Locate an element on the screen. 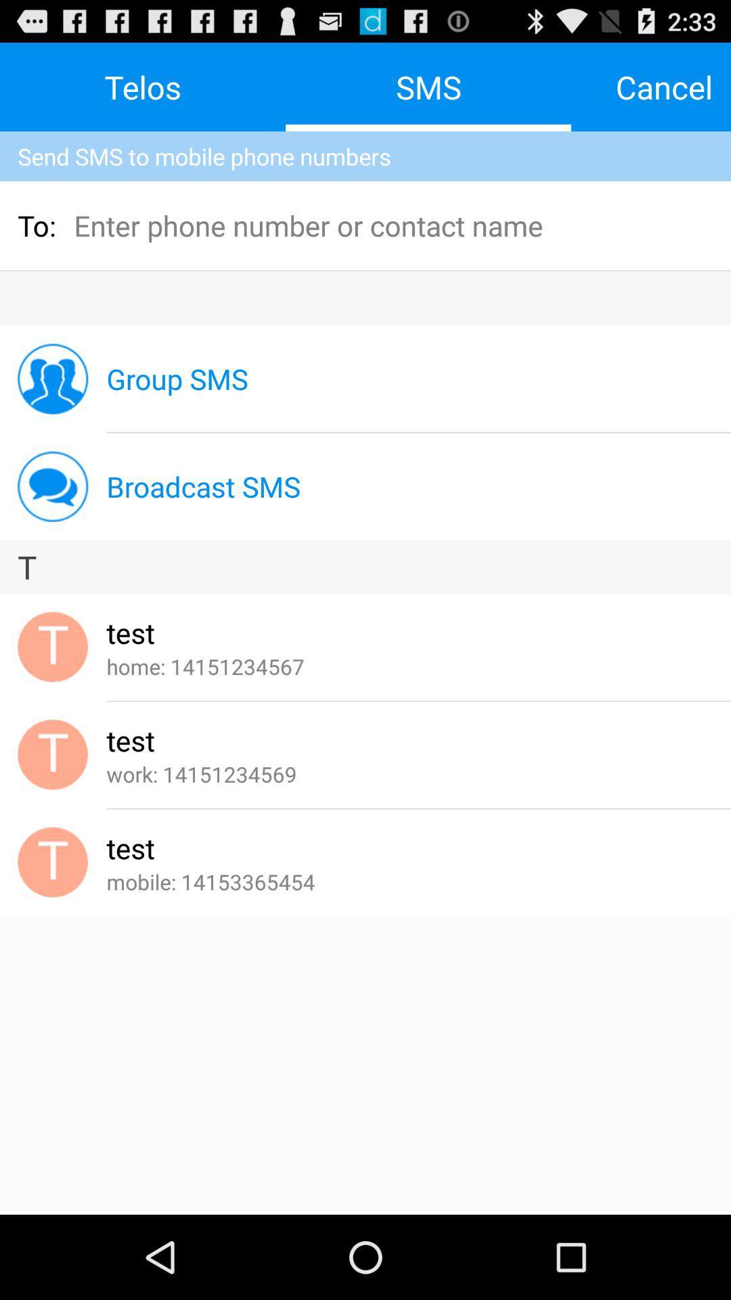  mobile: 14153365454 icon is located at coordinates (211, 882).